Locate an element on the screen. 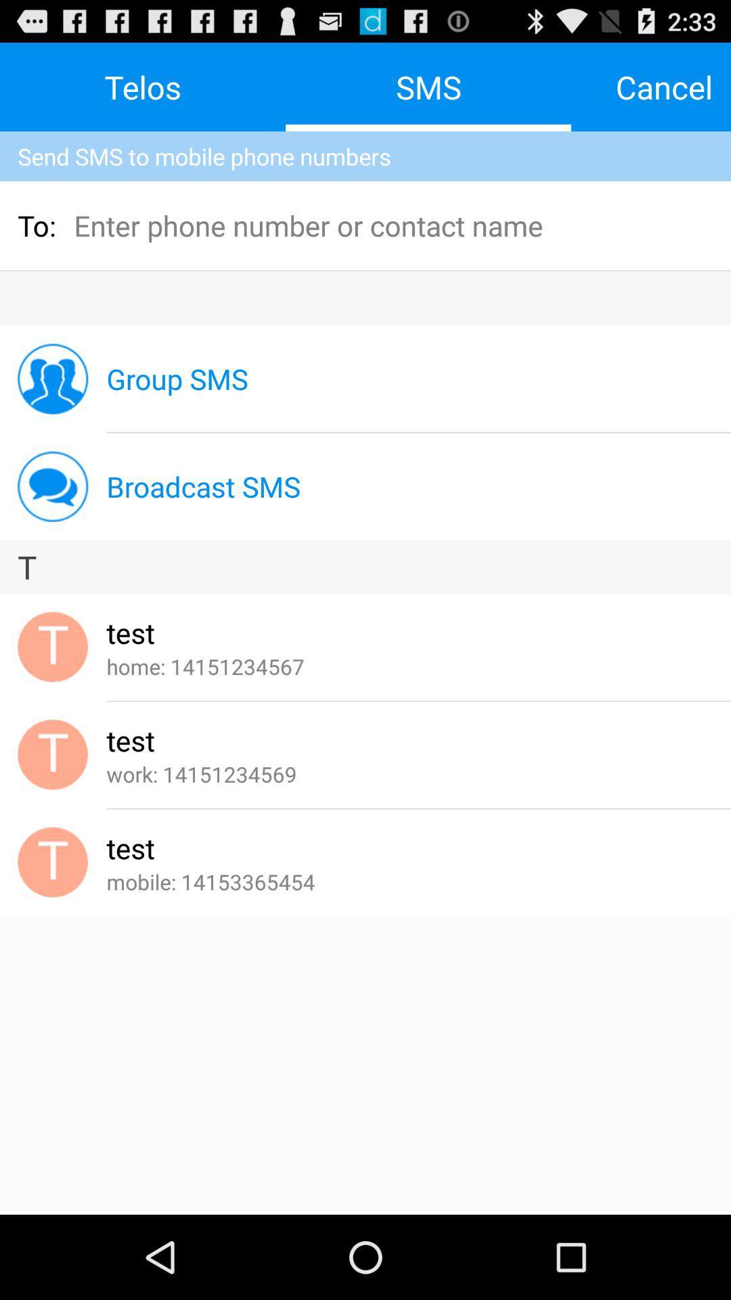  mobile: 14153365454 icon is located at coordinates (211, 882).